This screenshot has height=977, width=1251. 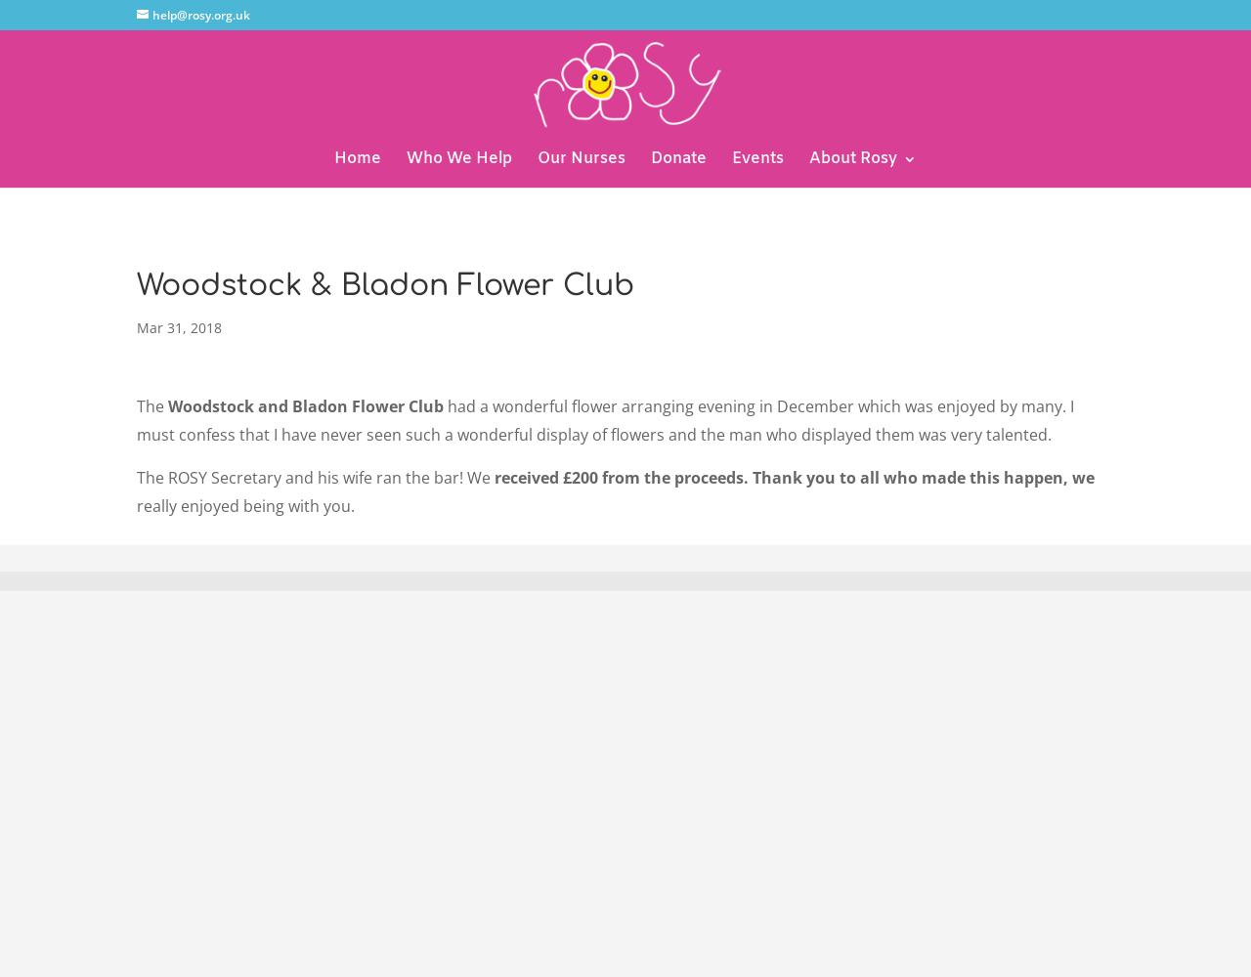 What do you see at coordinates (847, 530) in the screenshot?
I see `'Contact'` at bounding box center [847, 530].